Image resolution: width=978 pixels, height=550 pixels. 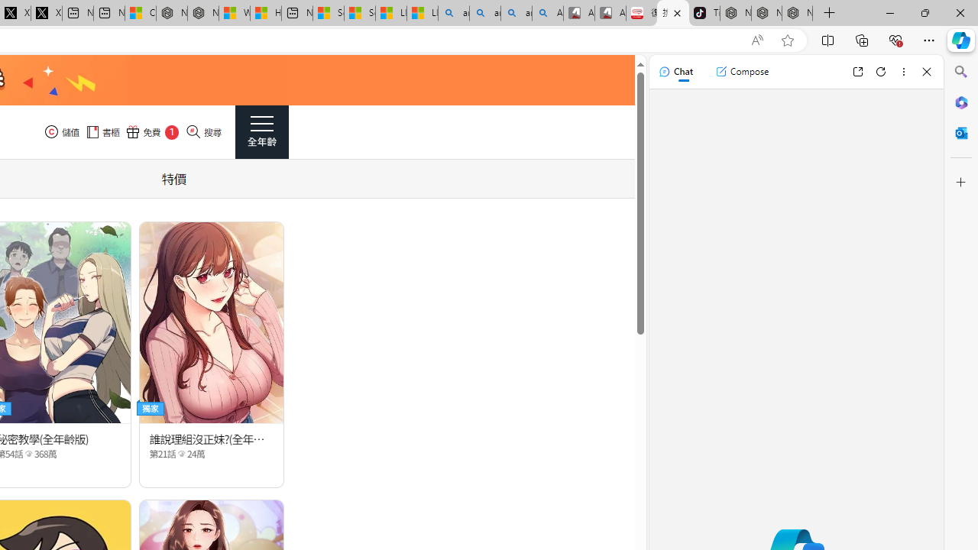 What do you see at coordinates (548, 13) in the screenshot?
I see `'Amazon Echo Robot - Search Images'` at bounding box center [548, 13].